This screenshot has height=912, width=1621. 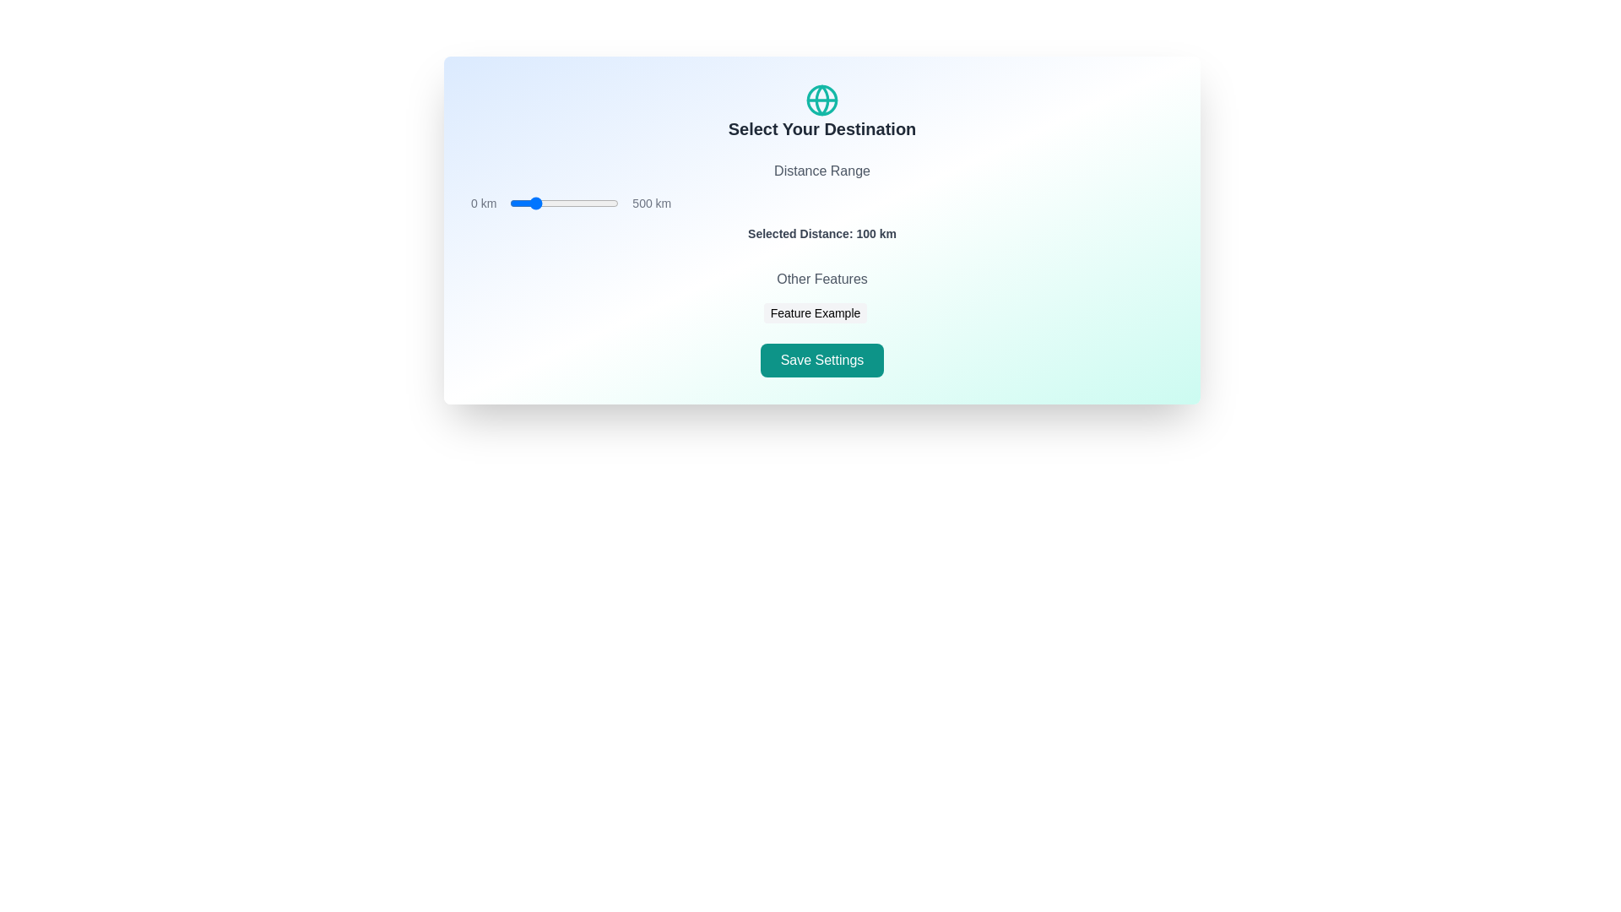 What do you see at coordinates (590, 202) in the screenshot?
I see `the distance range slider to set the distance to 370 km` at bounding box center [590, 202].